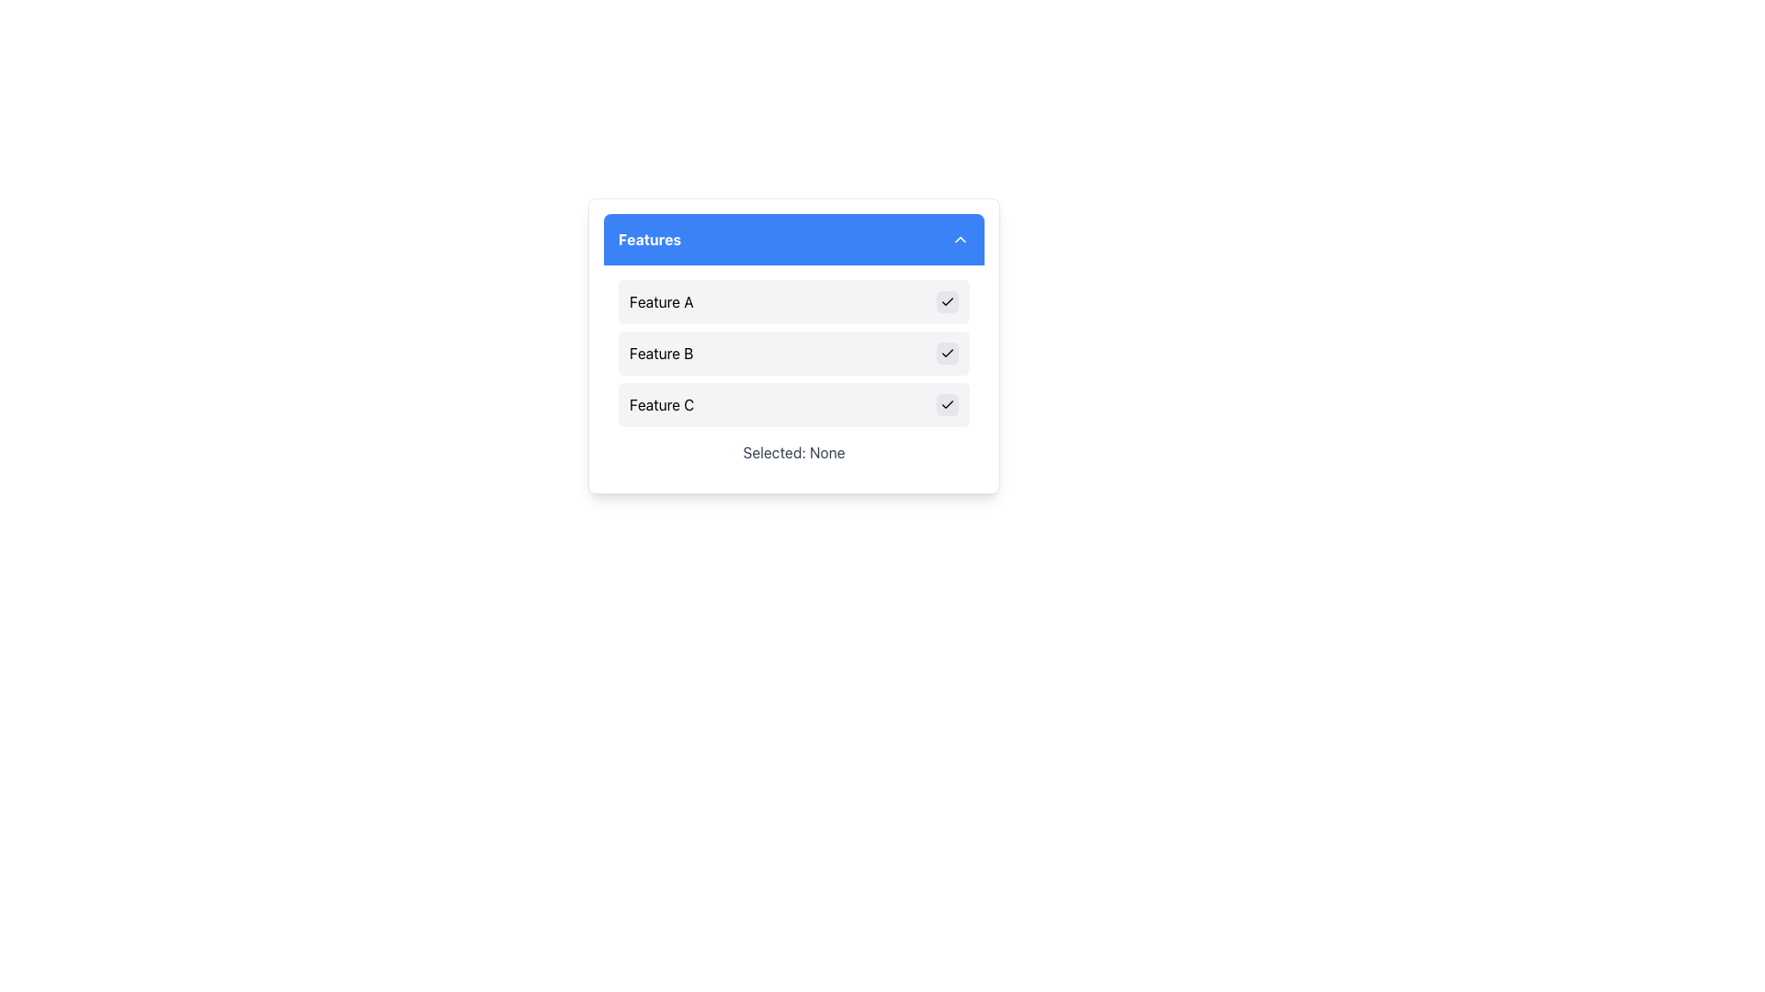  Describe the element at coordinates (948, 354) in the screenshot. I see `the state of the Checkmark Indicator for 'Feature B', which visually confirms that this feature is selected in the checklist interface` at that location.